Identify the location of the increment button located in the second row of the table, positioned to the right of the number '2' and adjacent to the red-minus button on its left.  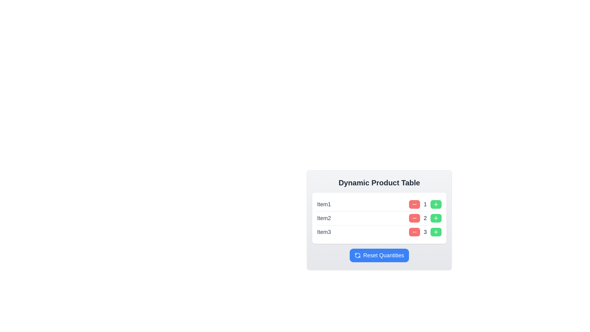
(436, 218).